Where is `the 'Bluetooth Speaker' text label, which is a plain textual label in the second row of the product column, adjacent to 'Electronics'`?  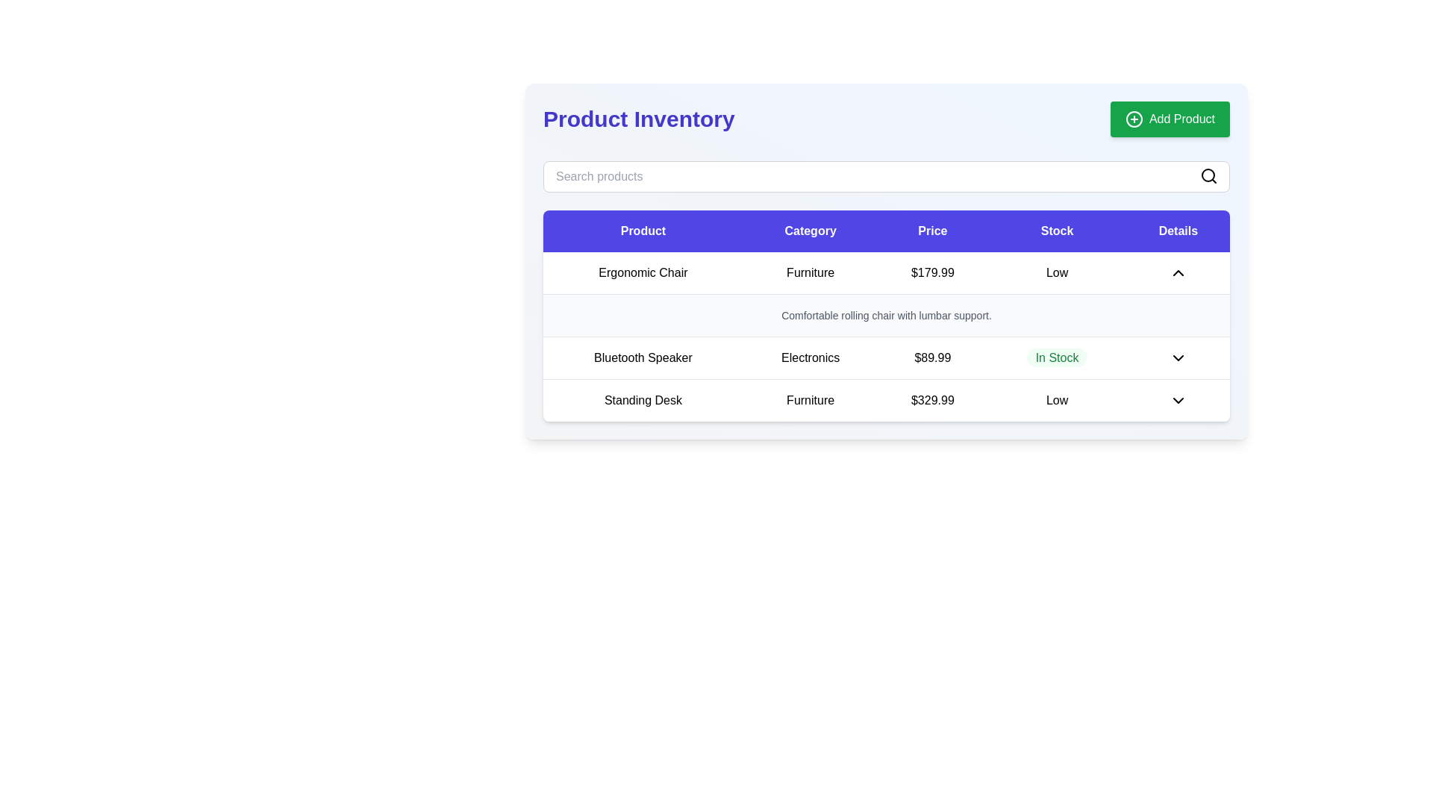 the 'Bluetooth Speaker' text label, which is a plain textual label in the second row of the product column, adjacent to 'Electronics' is located at coordinates (643, 357).